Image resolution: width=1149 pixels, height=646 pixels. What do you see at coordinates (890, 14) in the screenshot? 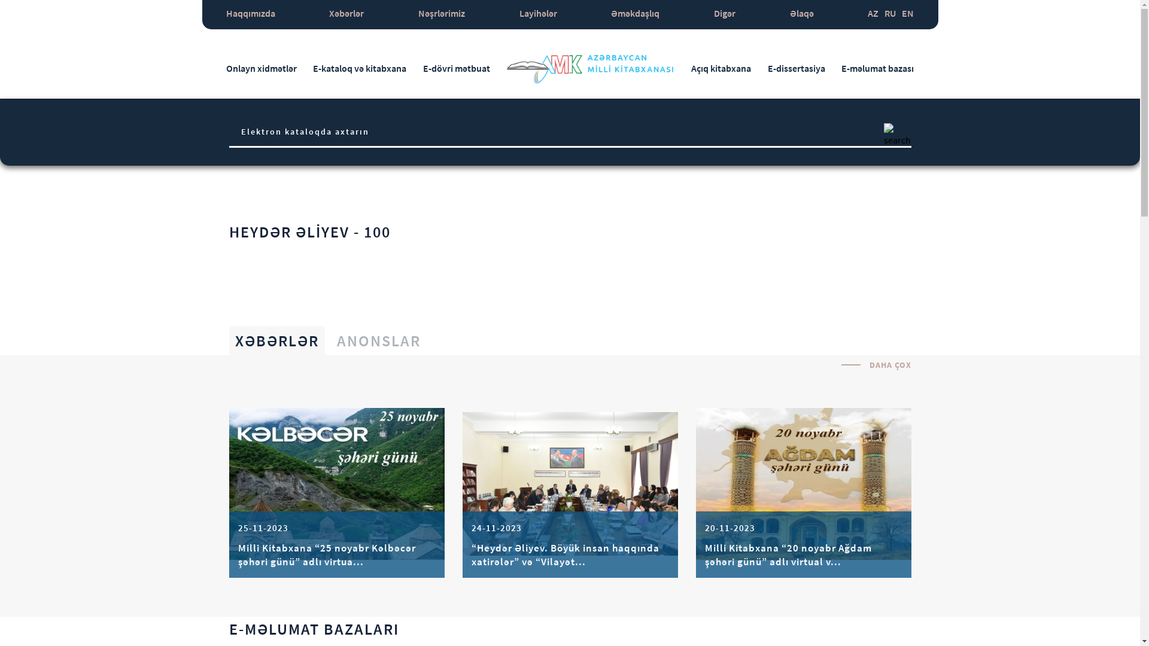
I see `'RU'` at bounding box center [890, 14].